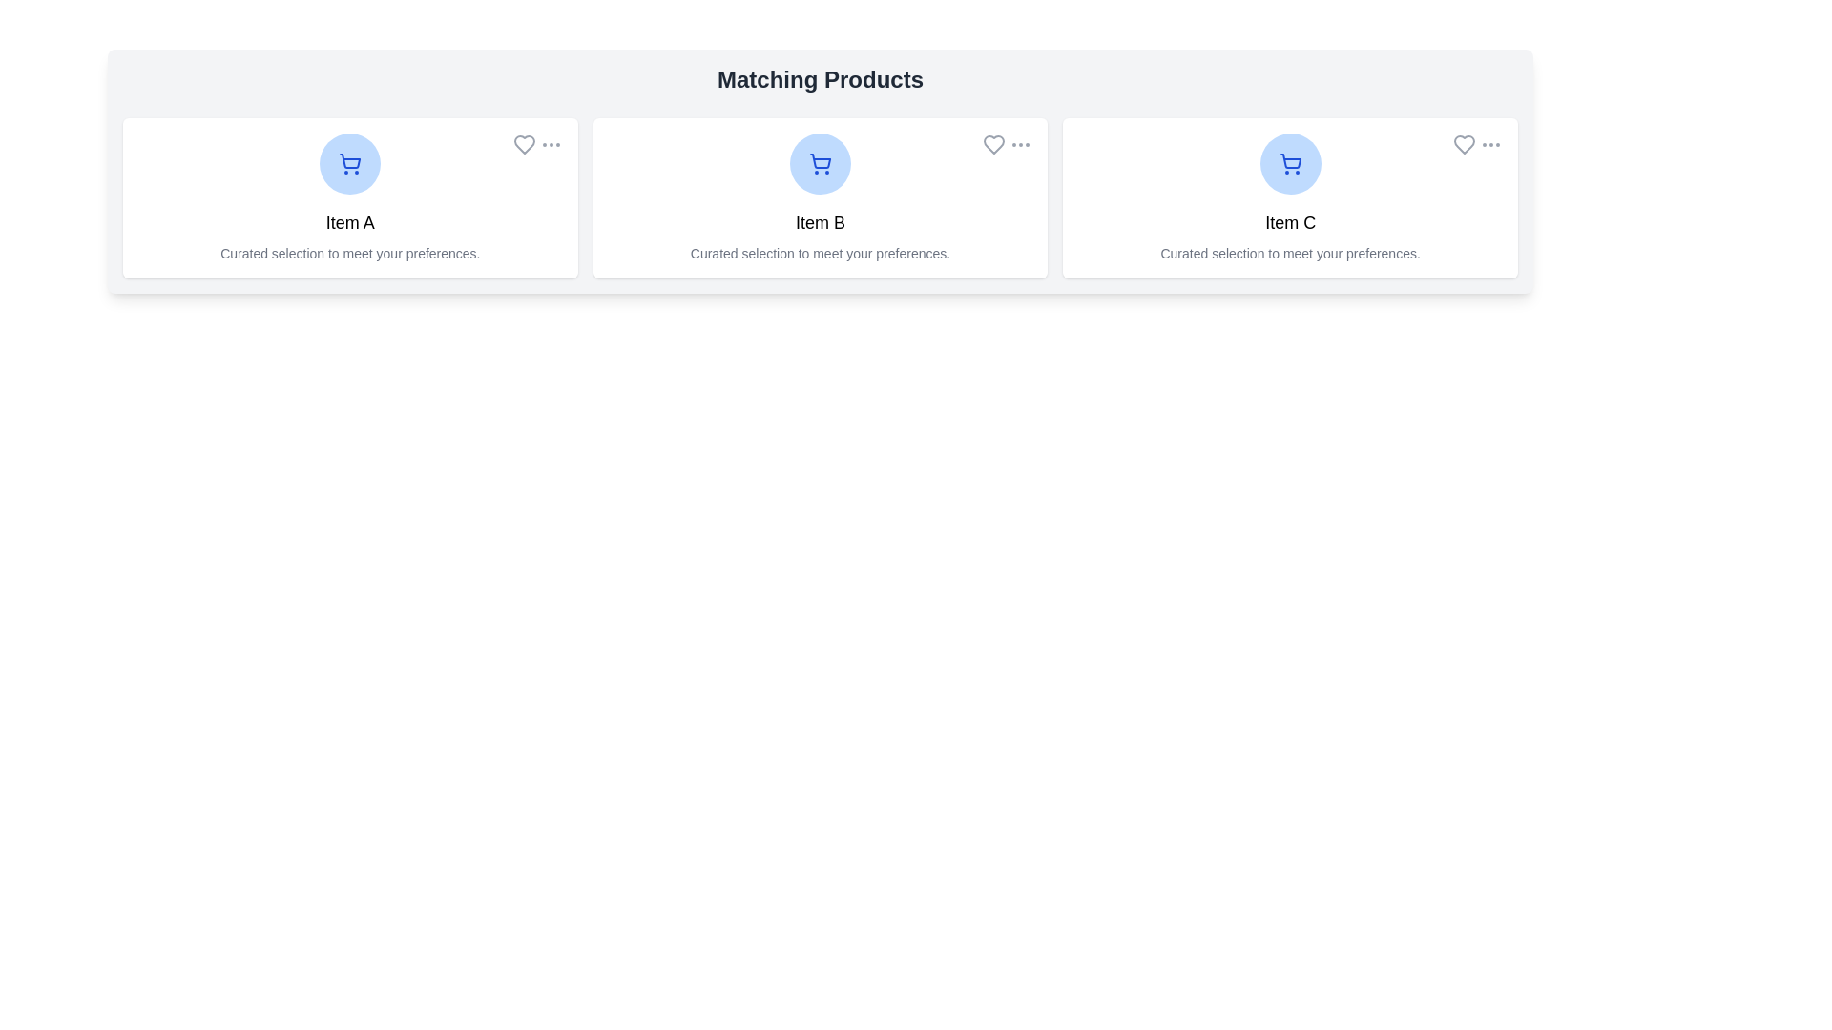  Describe the element at coordinates (550, 143) in the screenshot. I see `the 'more options' button for Item A` at that location.